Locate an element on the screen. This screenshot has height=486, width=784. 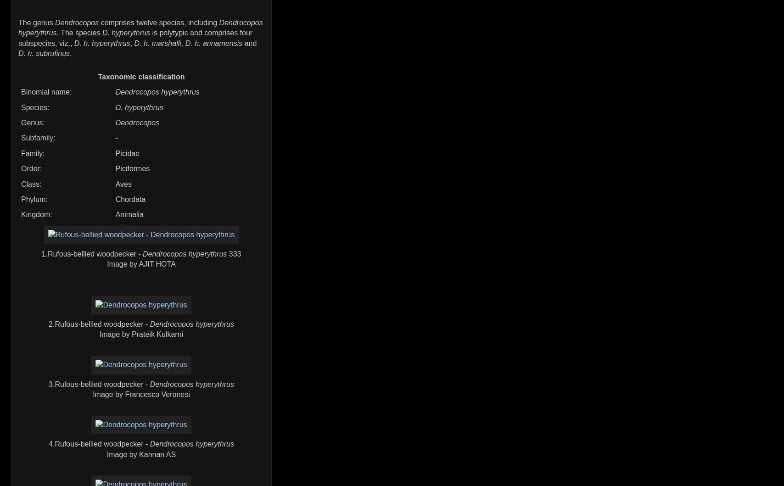
'Animalia' is located at coordinates (129, 214).